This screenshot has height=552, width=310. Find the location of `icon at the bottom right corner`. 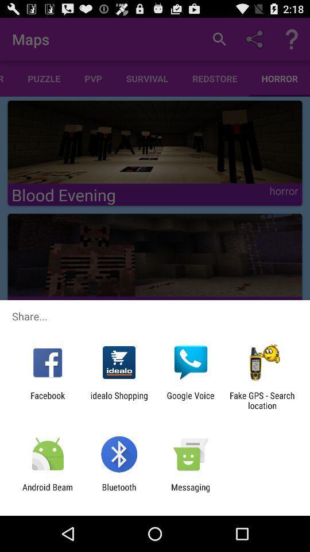

icon at the bottom right corner is located at coordinates (262, 400).